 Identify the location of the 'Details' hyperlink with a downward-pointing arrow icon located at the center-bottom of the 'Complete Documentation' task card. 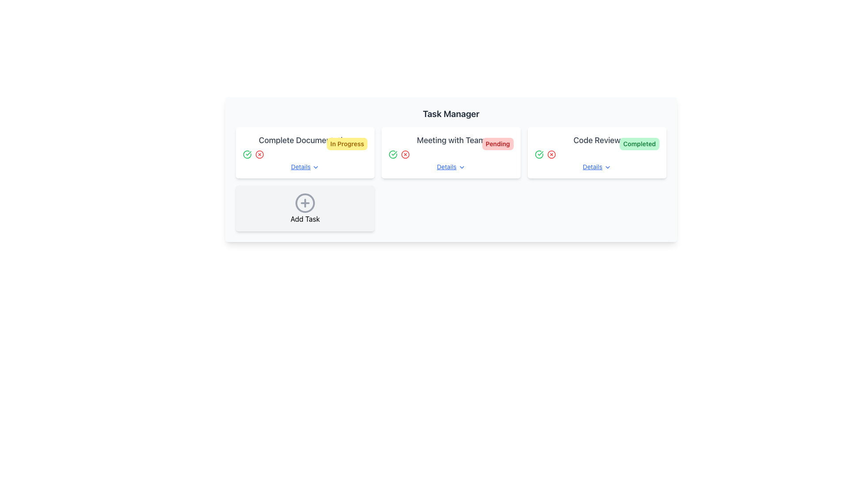
(305, 167).